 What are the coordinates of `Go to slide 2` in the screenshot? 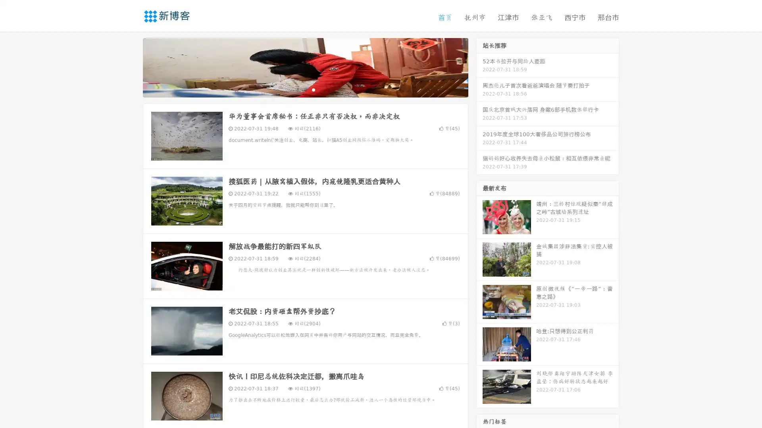 It's located at (305, 89).